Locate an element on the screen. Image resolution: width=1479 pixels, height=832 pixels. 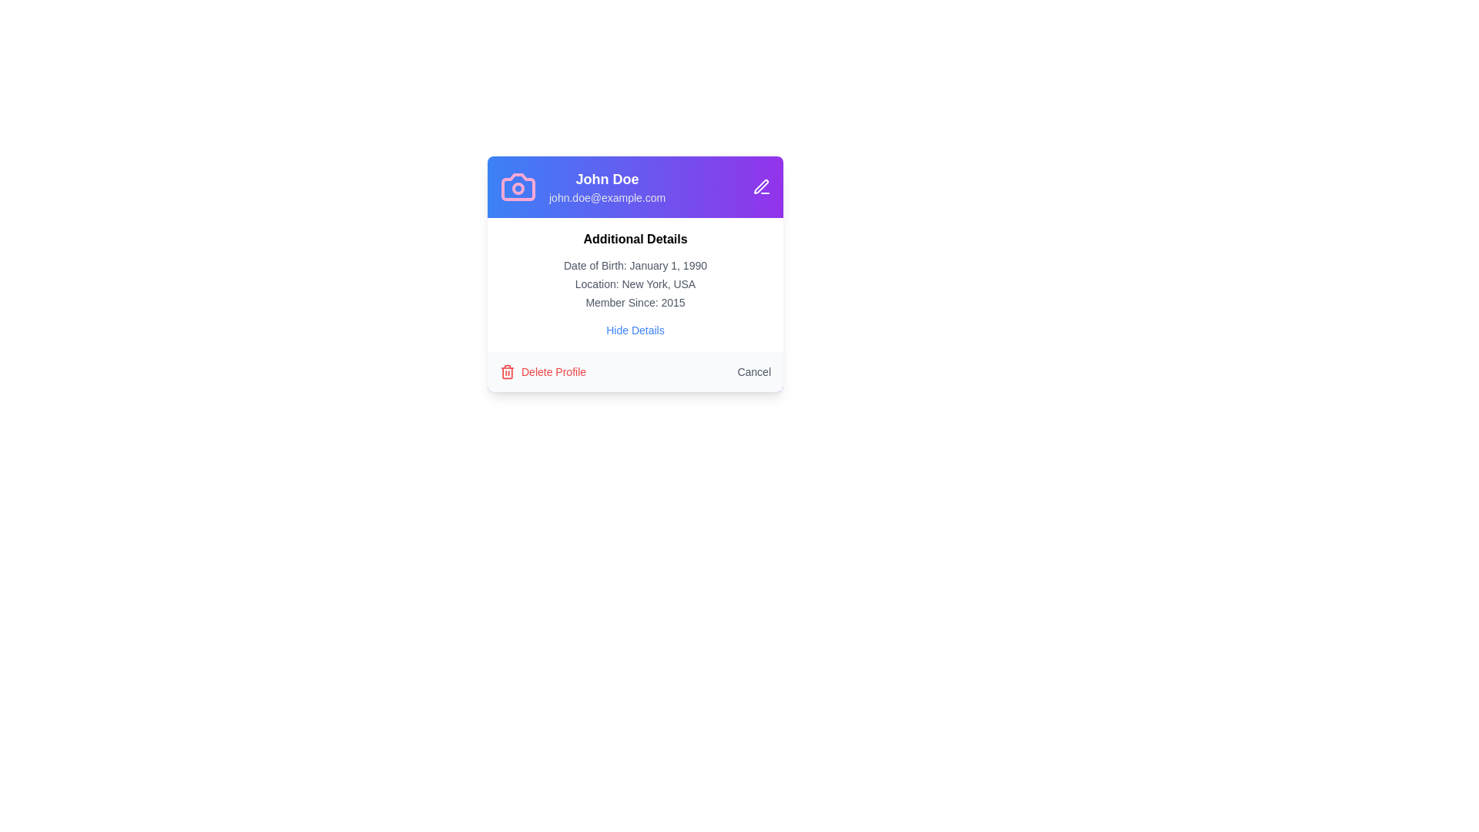
header text located centrally in the user details section, which indicates the content below contains additional user information is located at coordinates (636, 240).